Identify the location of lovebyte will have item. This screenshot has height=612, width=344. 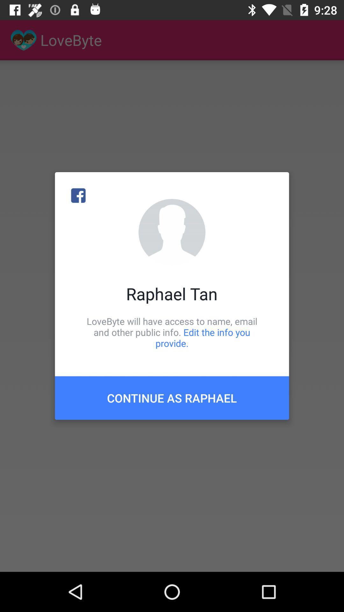
(172, 332).